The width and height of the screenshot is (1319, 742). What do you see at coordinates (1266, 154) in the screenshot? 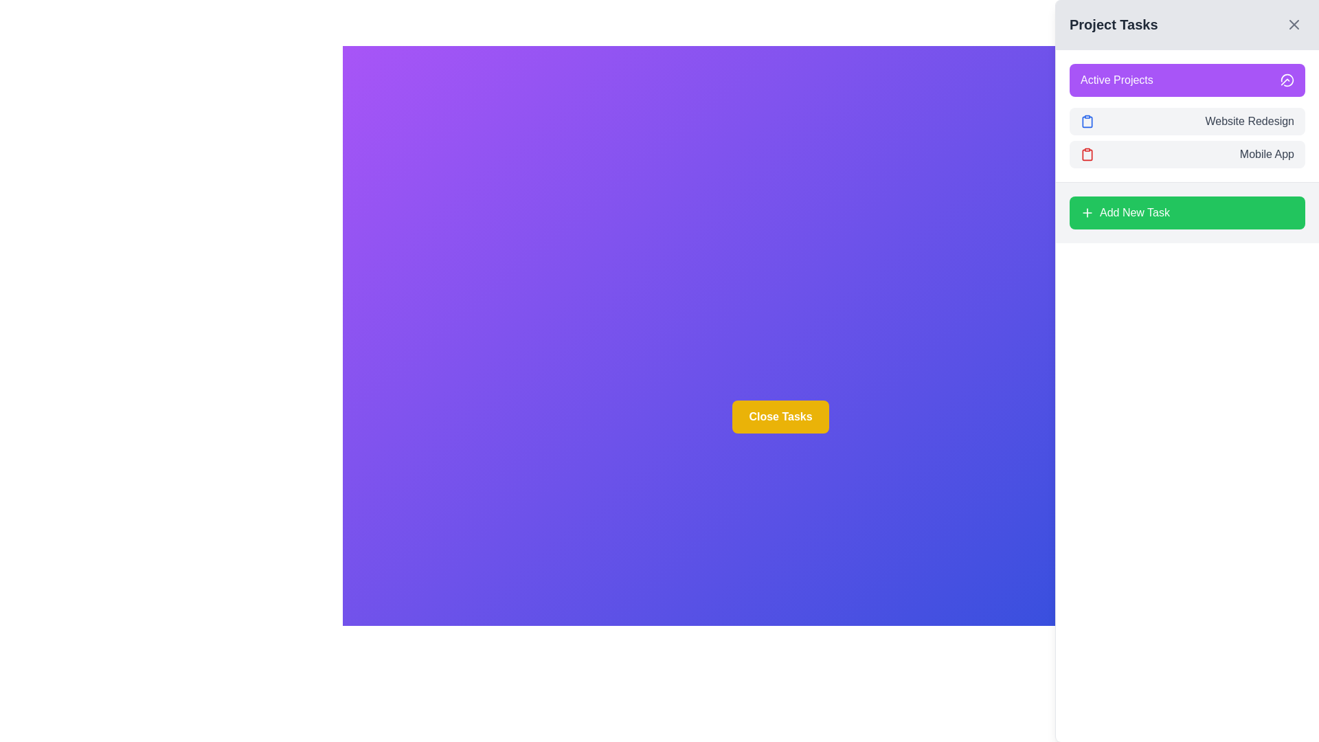
I see `the static text label 'Mobile App' that serves as a descriptor for a task or project in the project management interface` at bounding box center [1266, 154].